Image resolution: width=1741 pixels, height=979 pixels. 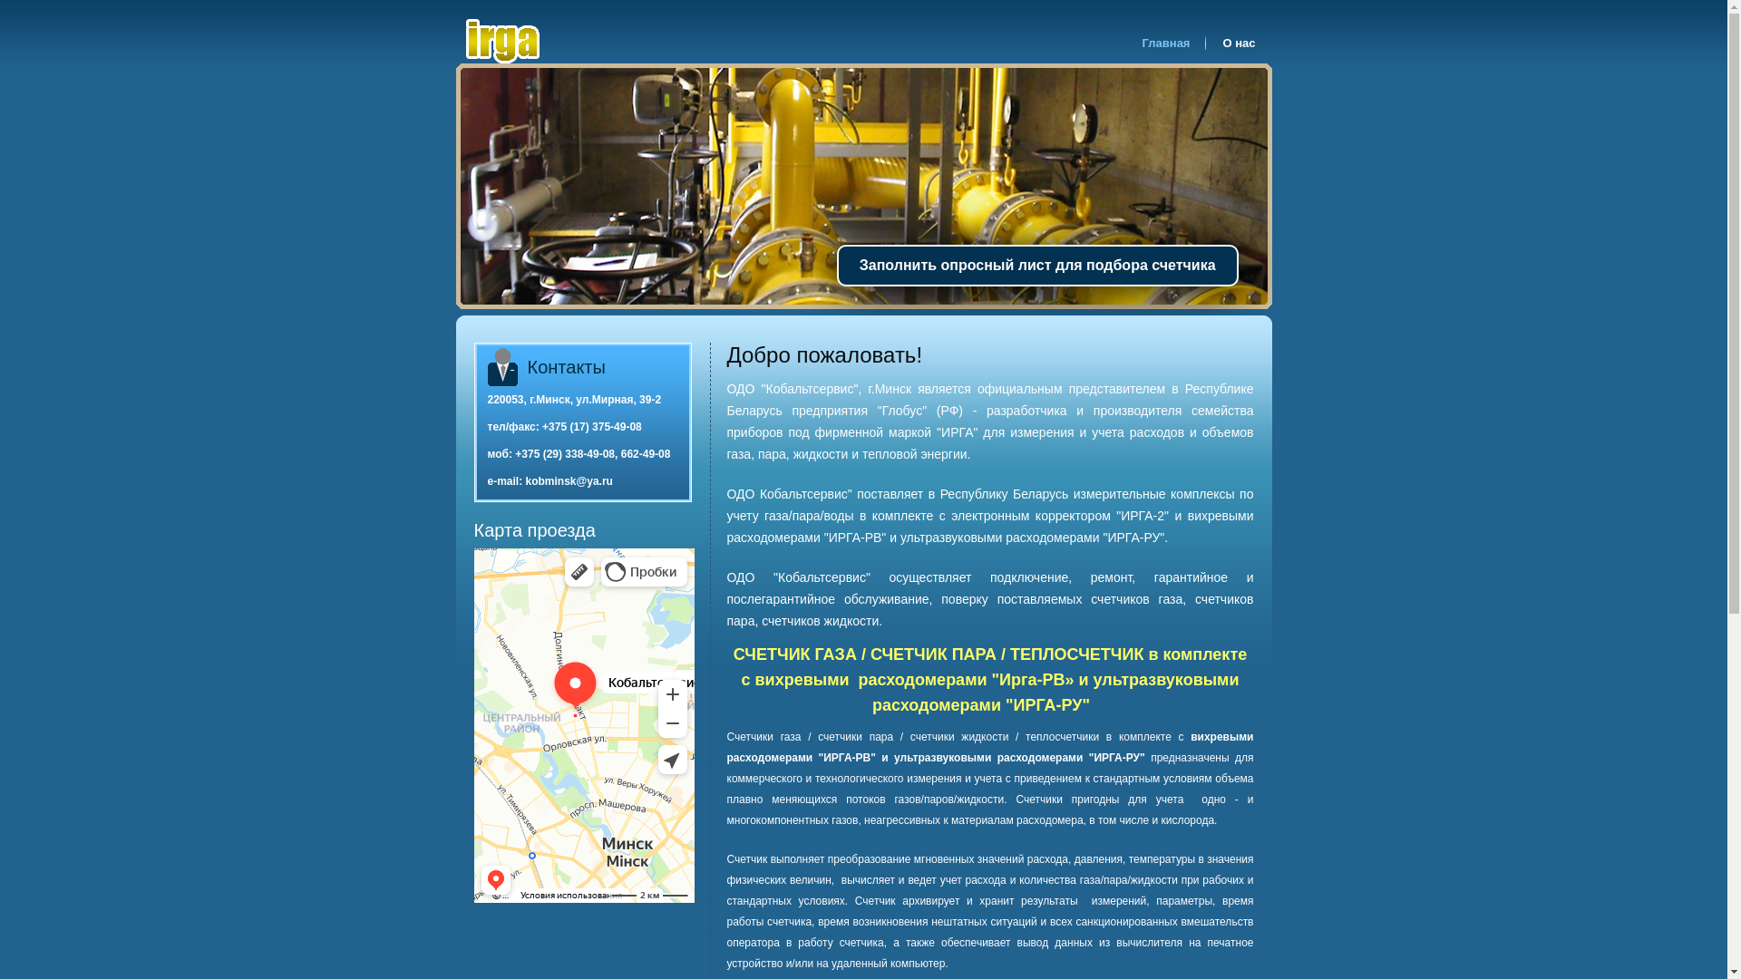 I want to click on 'Irga', so click(x=462, y=41).